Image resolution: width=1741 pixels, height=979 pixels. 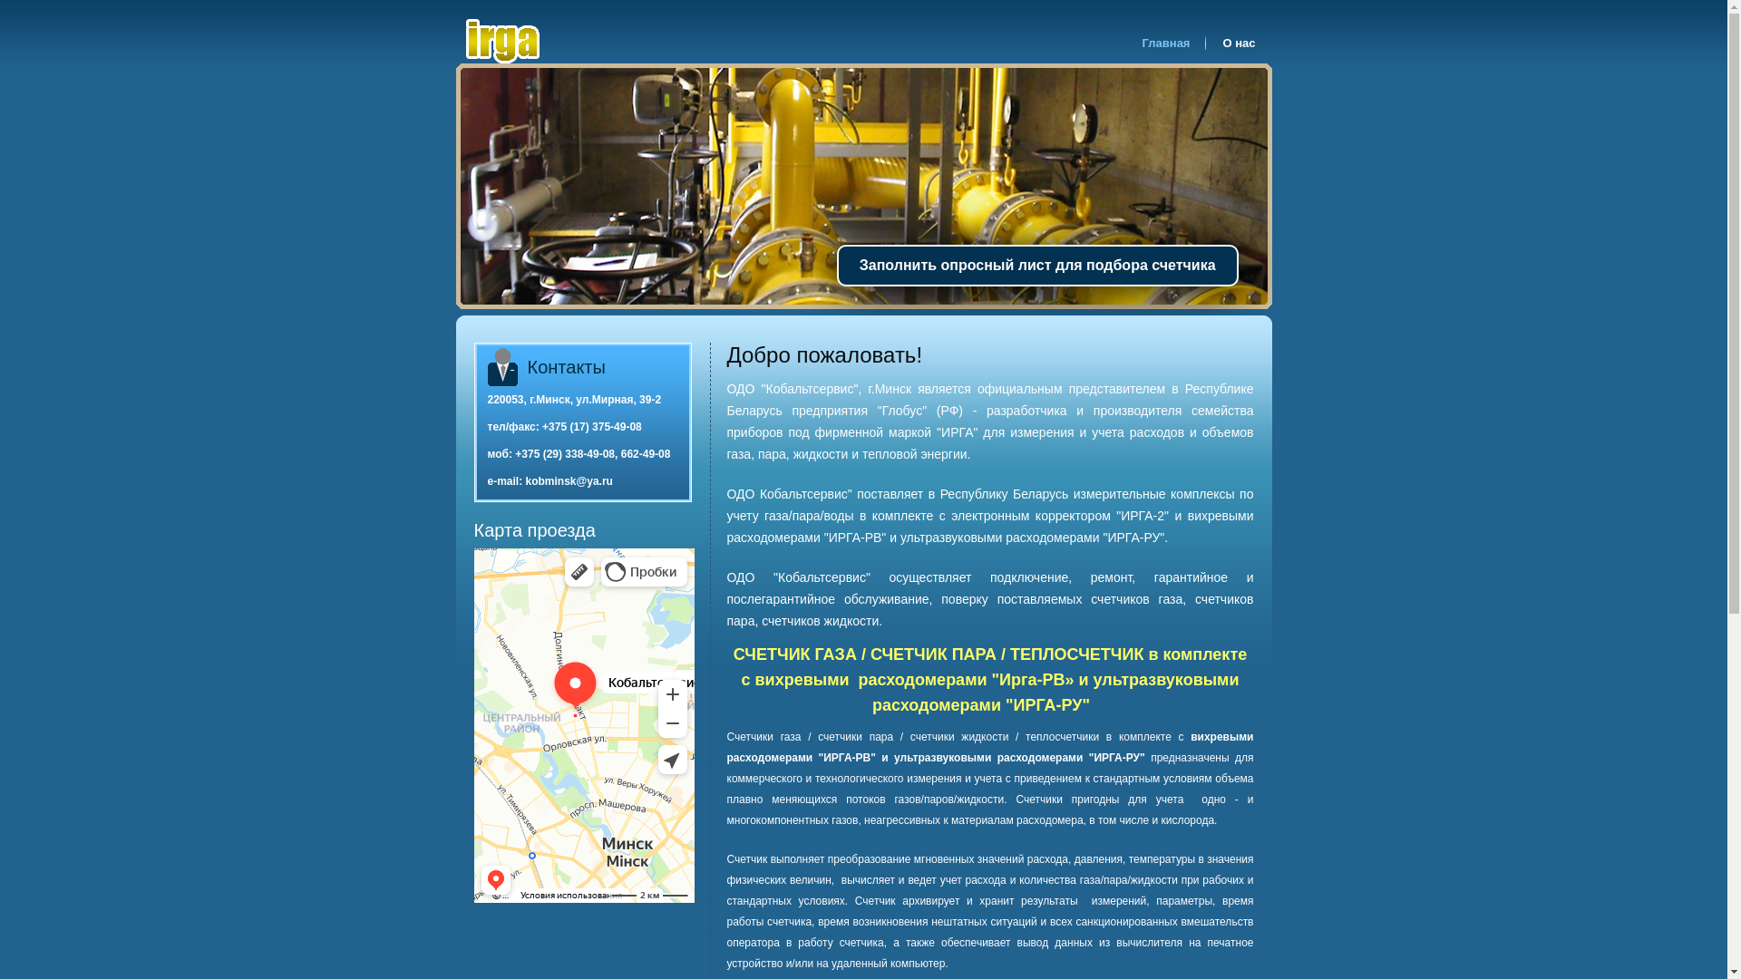 I want to click on 'Irga', so click(x=462, y=41).